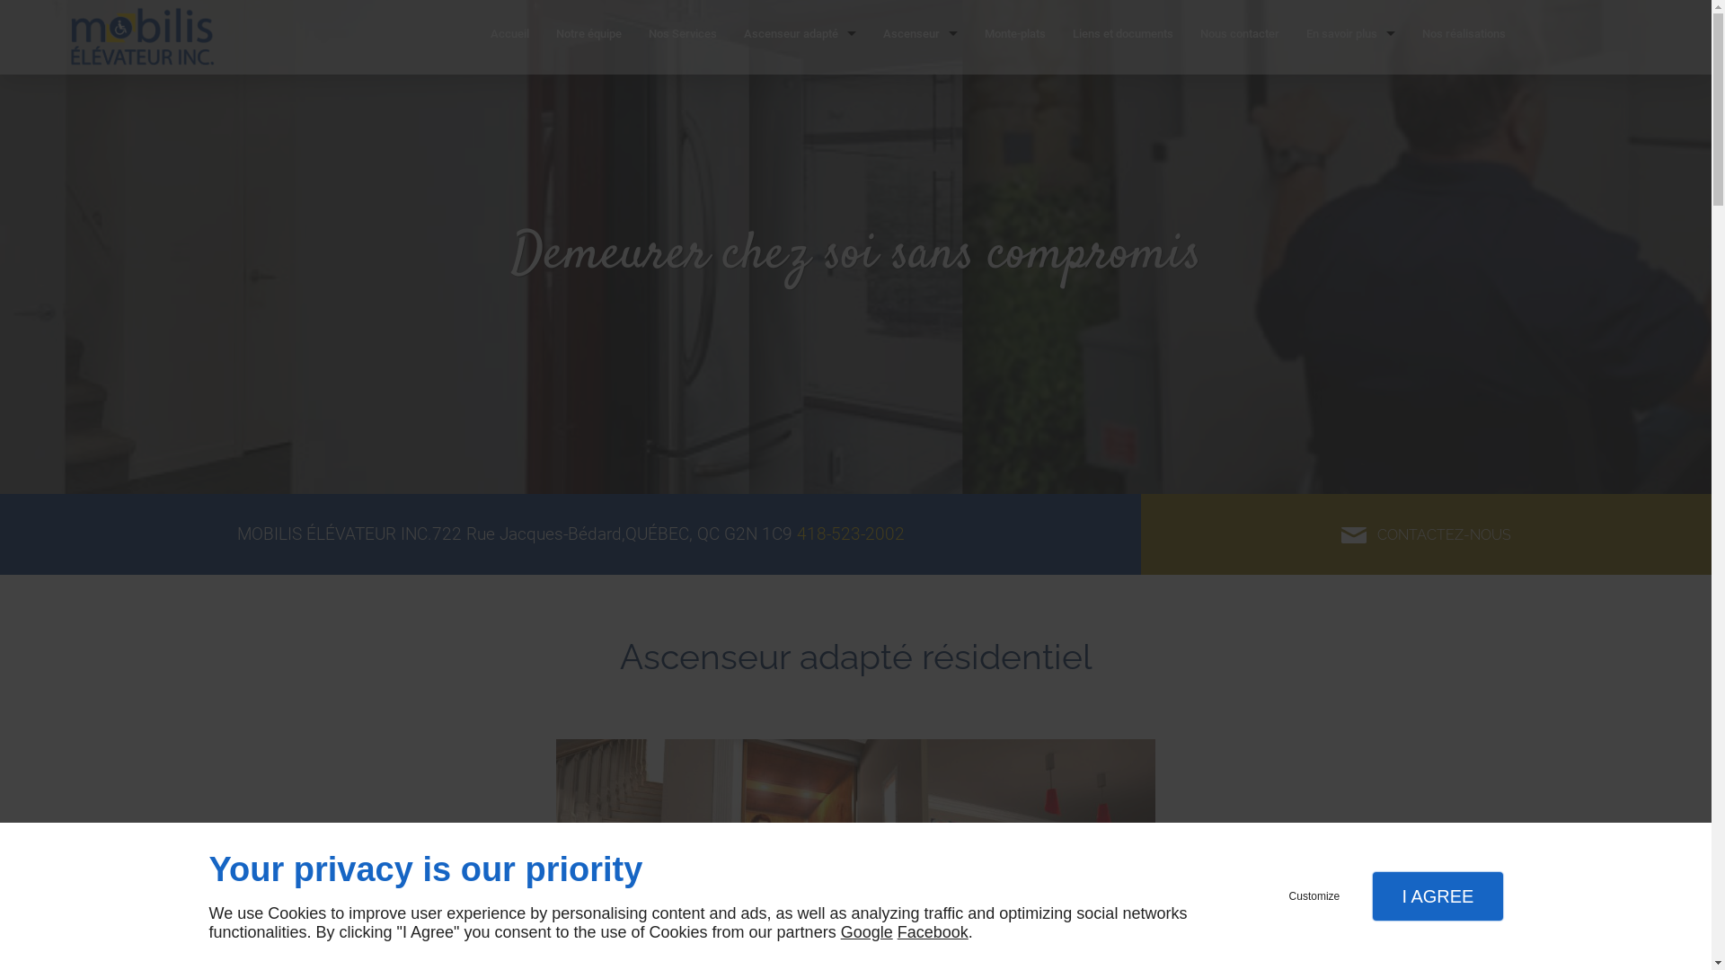 Image resolution: width=1725 pixels, height=970 pixels. Describe the element at coordinates (1425, 533) in the screenshot. I see `'CONTACTEZ-NOUS'` at that location.